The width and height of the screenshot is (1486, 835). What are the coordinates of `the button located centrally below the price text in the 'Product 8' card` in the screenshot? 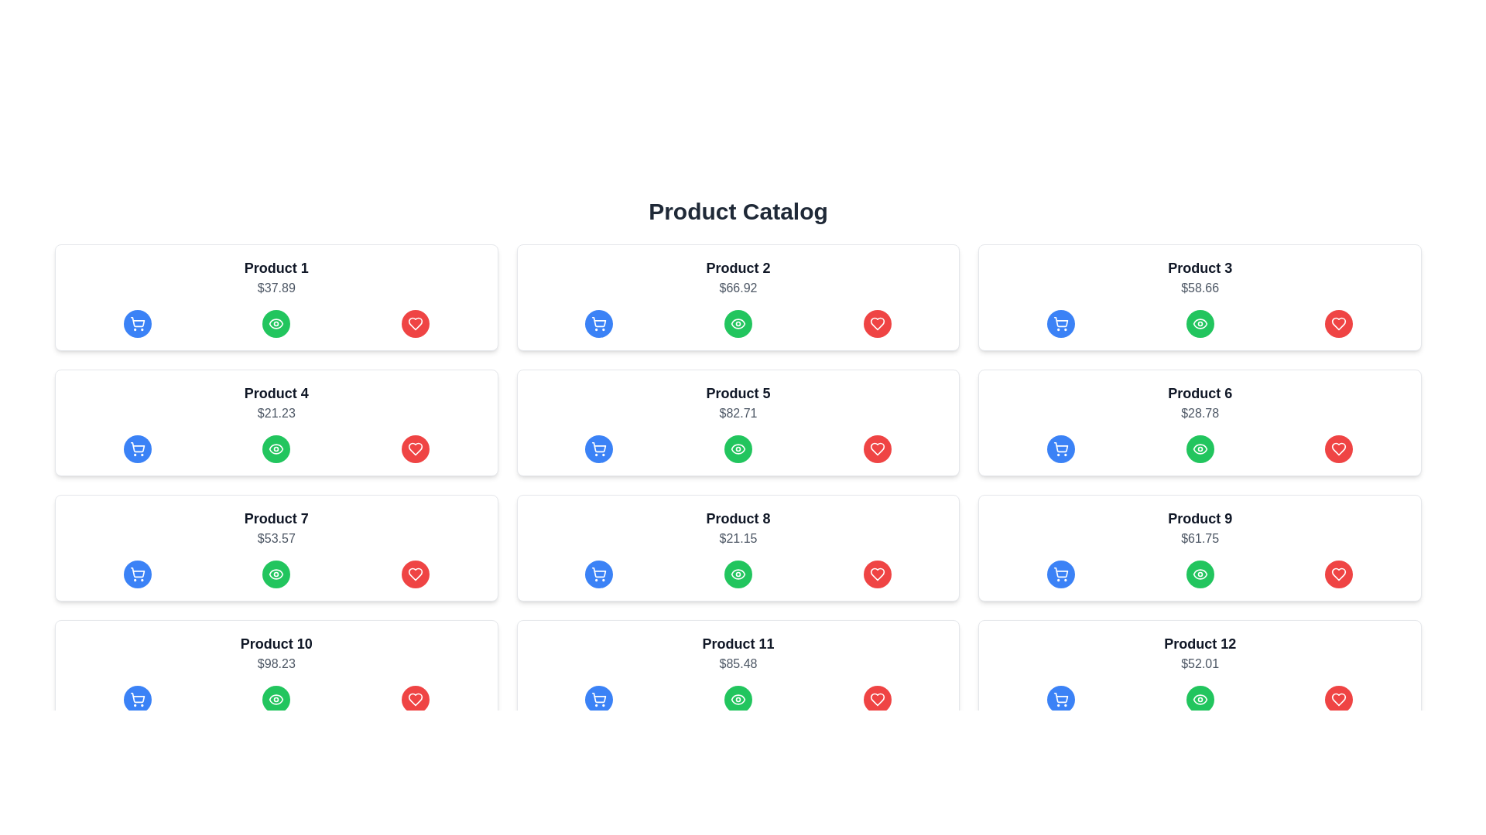 It's located at (738, 574).